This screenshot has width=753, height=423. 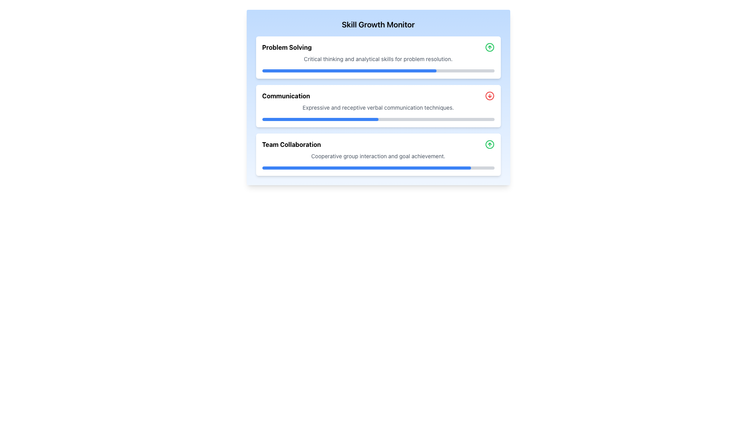 What do you see at coordinates (489, 47) in the screenshot?
I see `the green-bordered circle in the top-right corner of the 'Problem Solving' skill entry, which is part of an SVG icon indicating progress or improvement` at bounding box center [489, 47].